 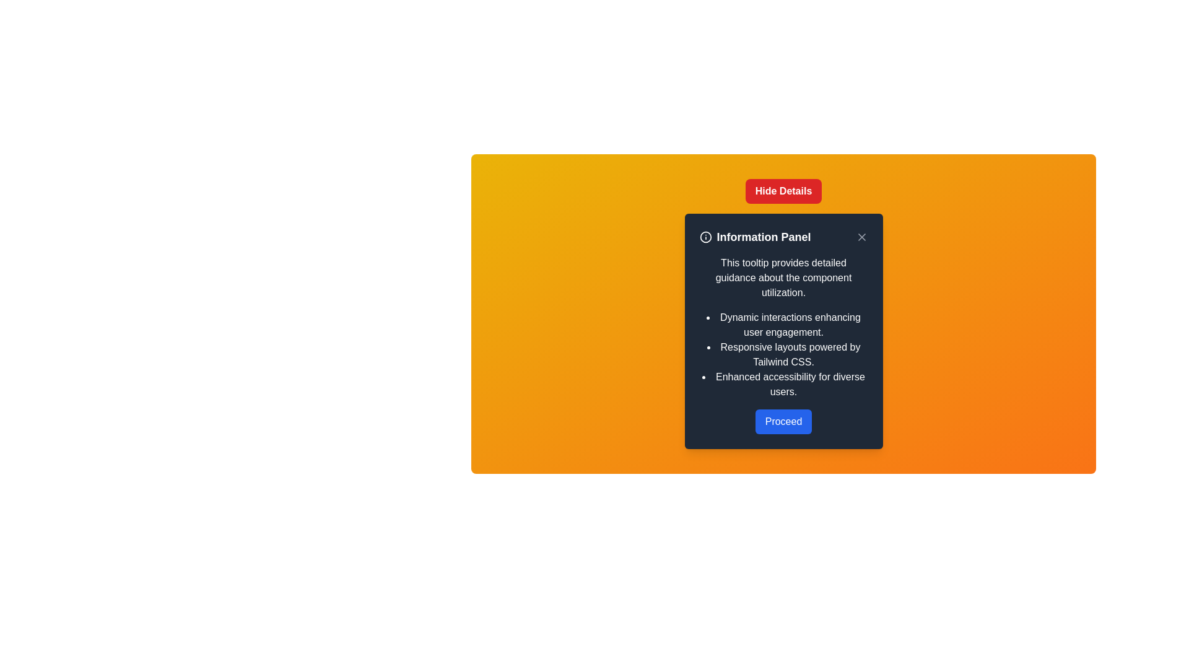 What do you see at coordinates (783, 384) in the screenshot?
I see `the third bullet point in the list that states 'Enhanced accessibility for diverse users.', which is styled in white text on a dark background and positioned between 'Responsive layouts powered by Tailwind CSS.' and the 'Proceed' button` at bounding box center [783, 384].